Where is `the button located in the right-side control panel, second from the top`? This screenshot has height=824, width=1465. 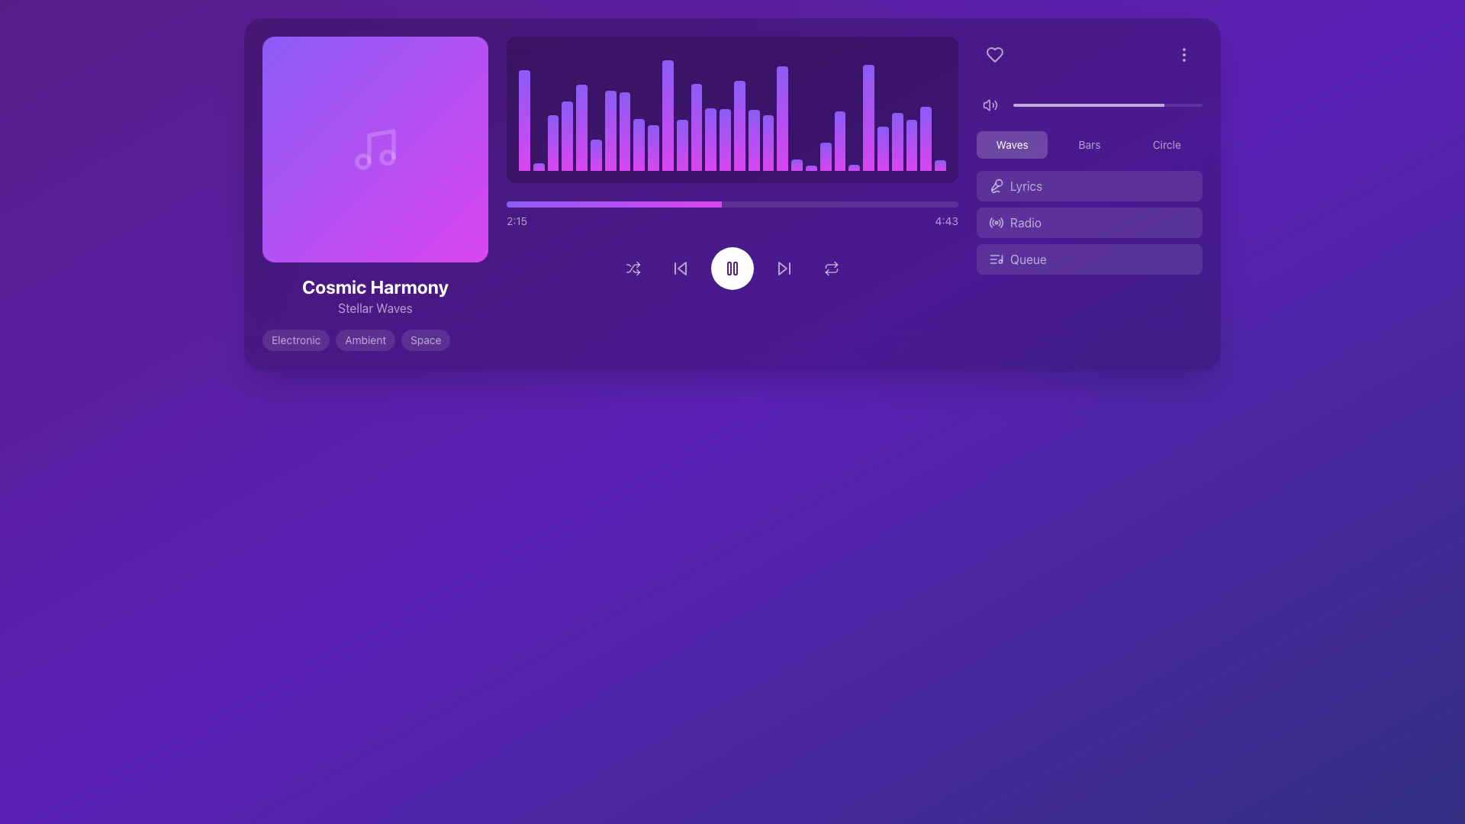
the button located in the right-side control panel, second from the top is located at coordinates (1089, 193).